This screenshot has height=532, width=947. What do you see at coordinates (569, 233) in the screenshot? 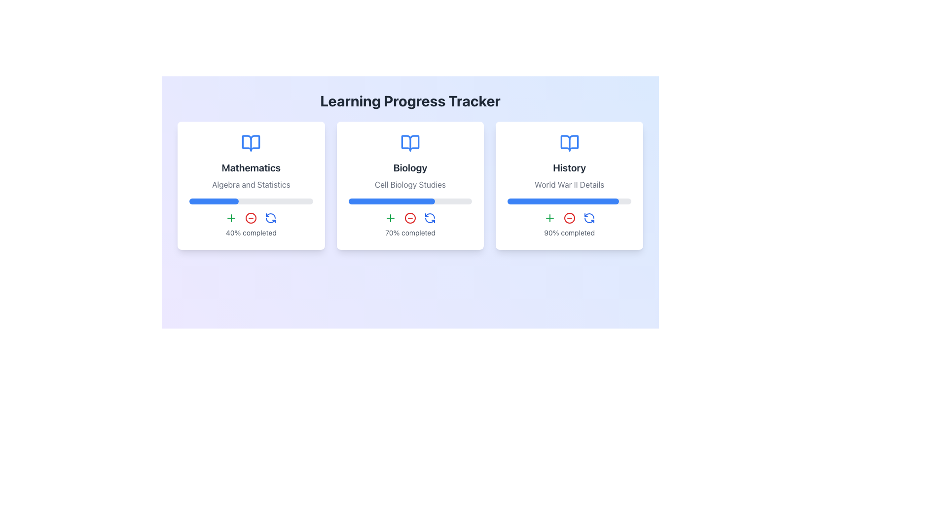
I see `the Text Label that displays the progress percentage for the 'History - World War II Details' card, which is located below the progress bar and aligned centrally within the card` at bounding box center [569, 233].